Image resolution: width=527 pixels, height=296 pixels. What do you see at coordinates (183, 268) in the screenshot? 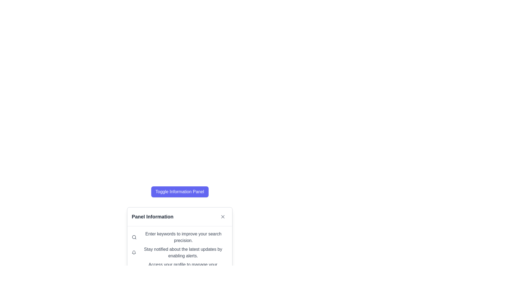
I see `the textual label that reads 'Access your profile to manage your preferences and settings.' located at the bottom of the 'Panel Information' card` at bounding box center [183, 268].